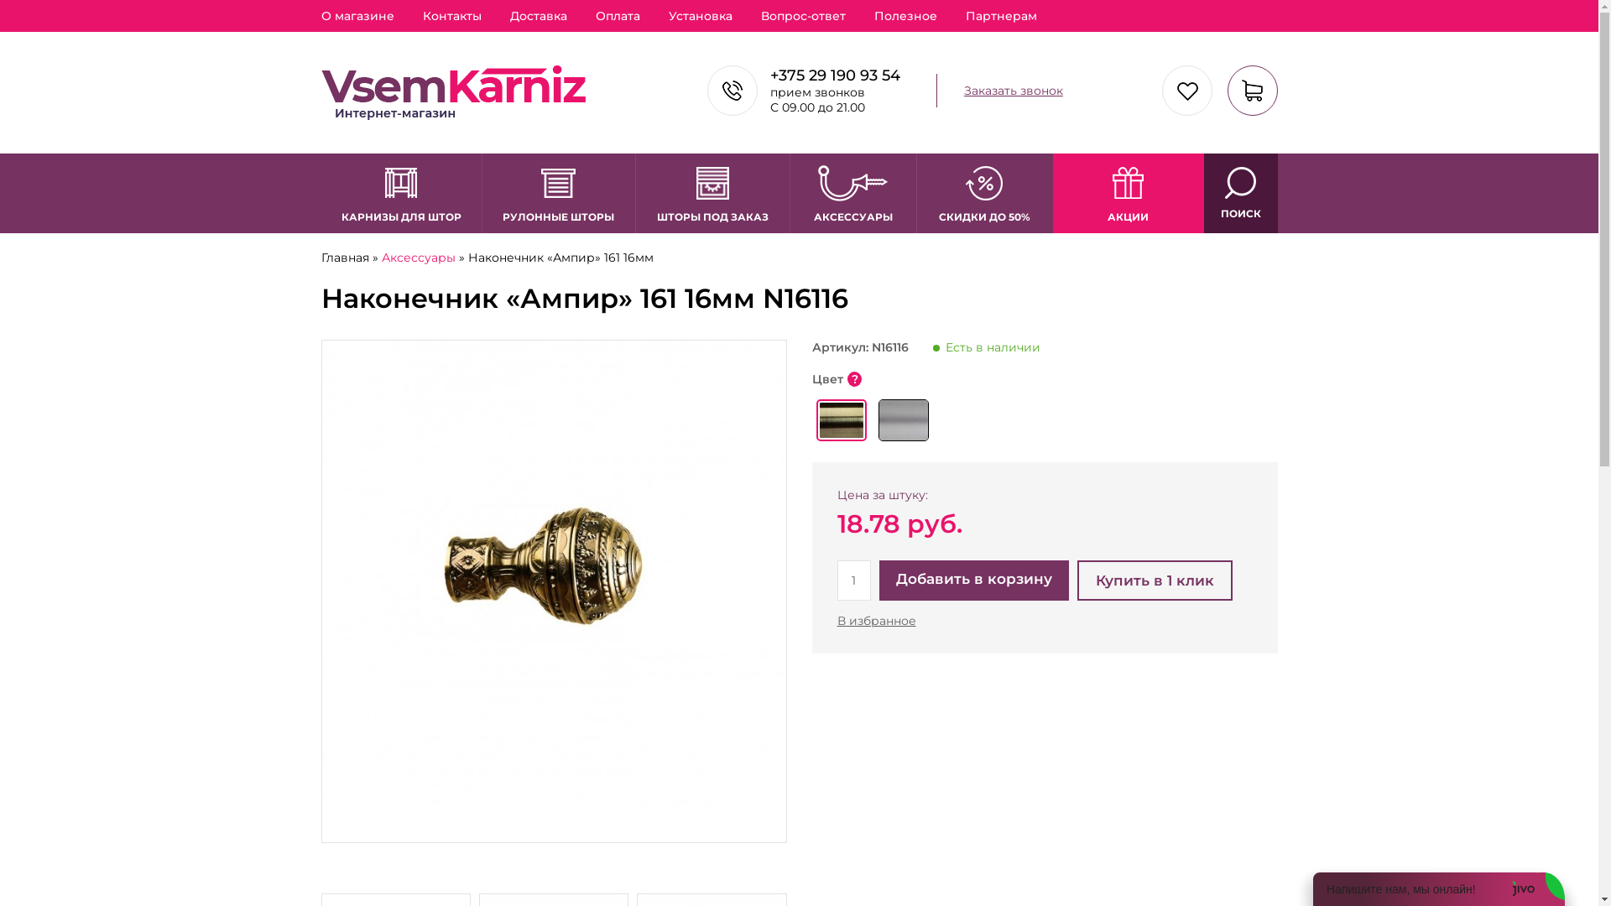 This screenshot has height=906, width=1611. I want to click on '+375 29 190 93 54', so click(835, 74).